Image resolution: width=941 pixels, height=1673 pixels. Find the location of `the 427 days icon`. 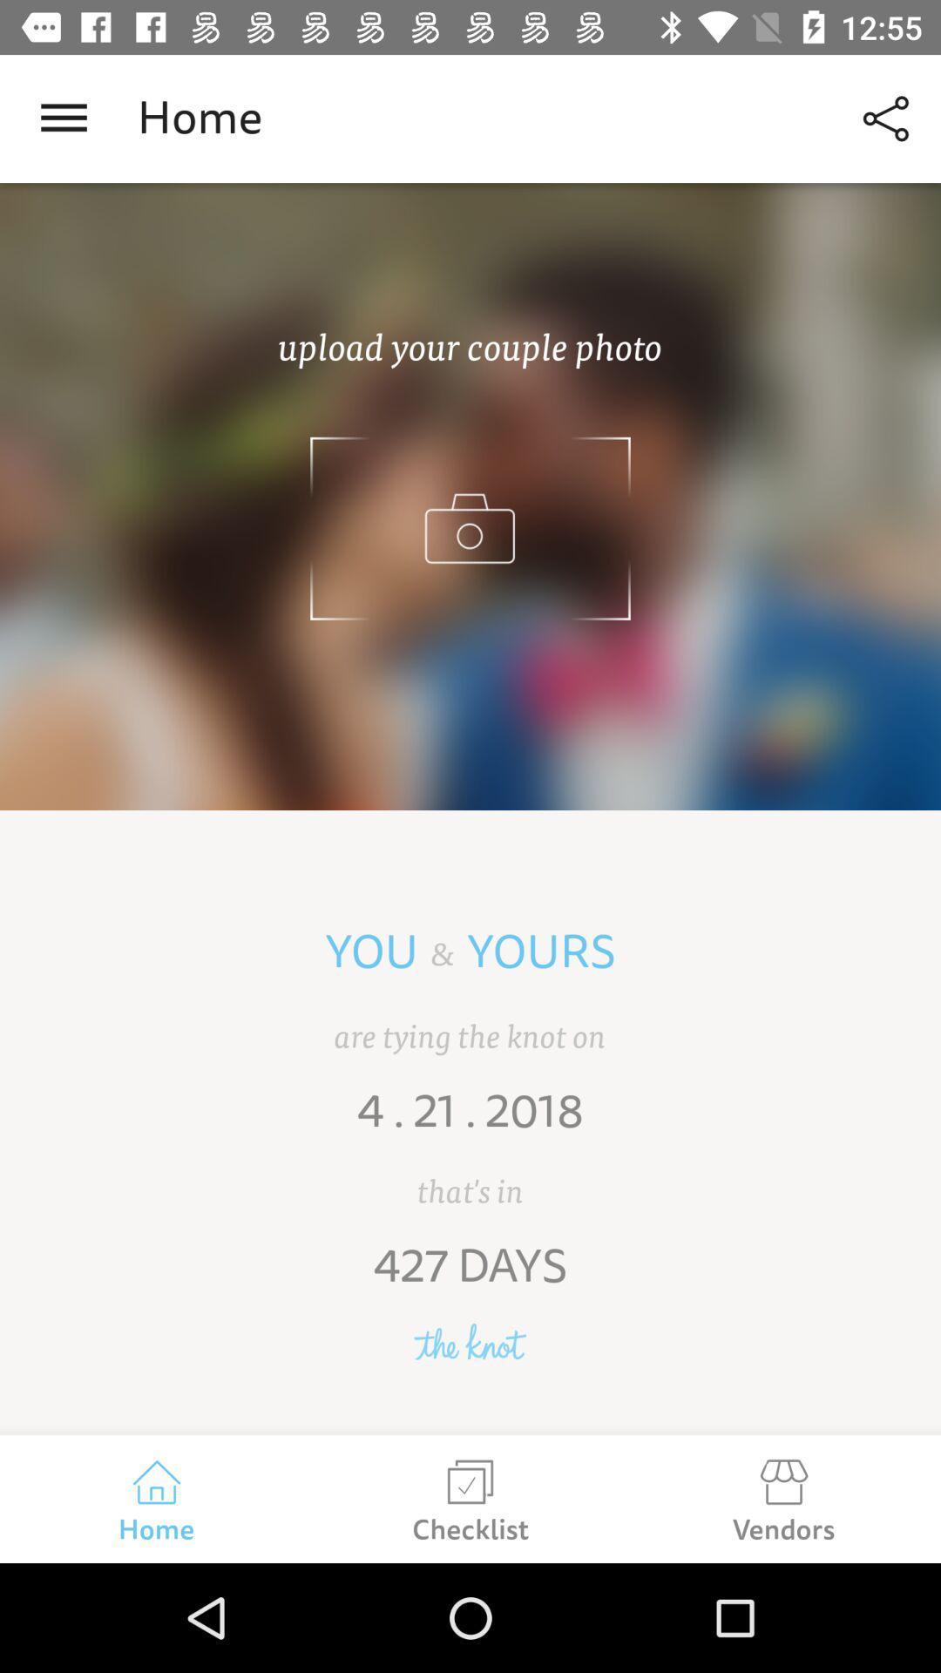

the 427 days icon is located at coordinates (470, 1278).